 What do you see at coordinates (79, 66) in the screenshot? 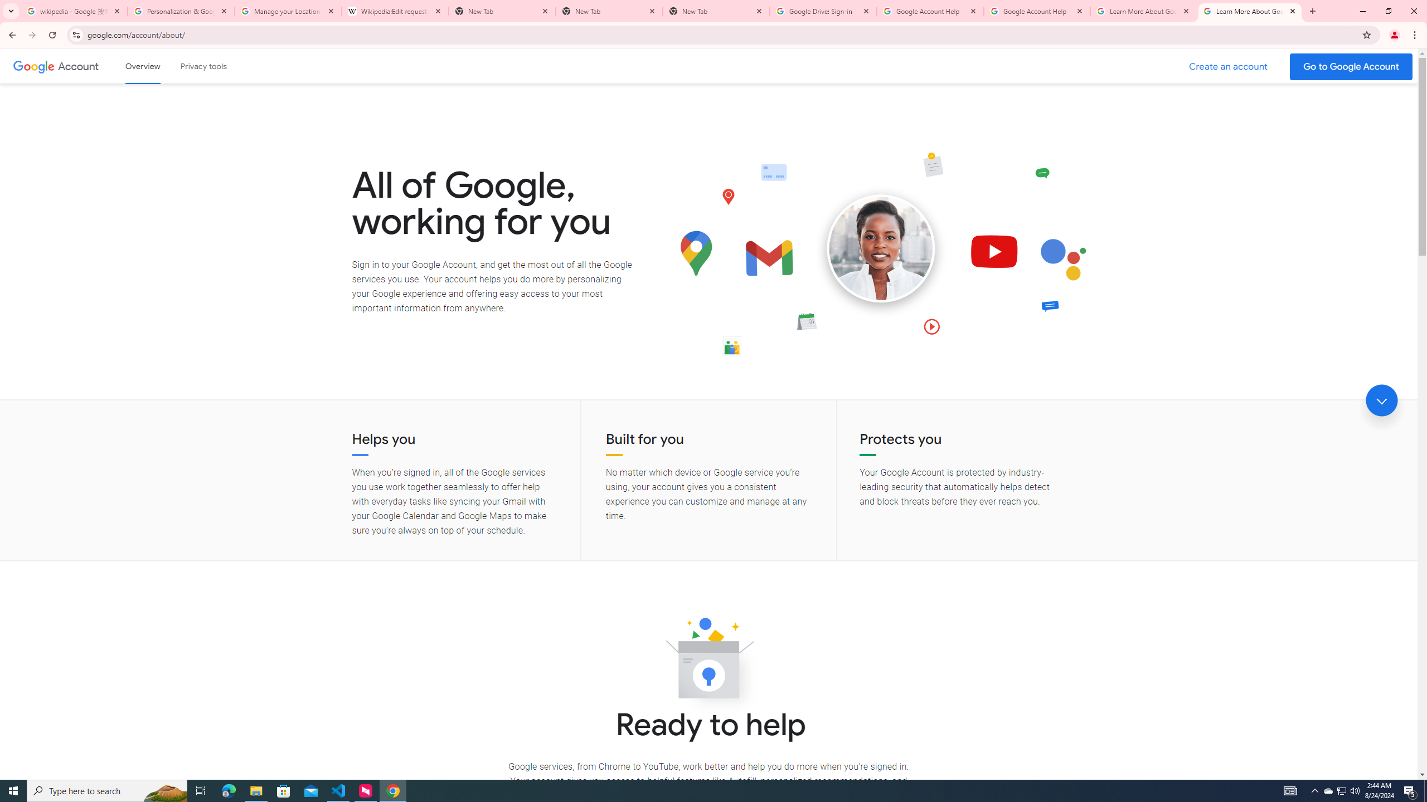
I see `'Google Account'` at bounding box center [79, 66].